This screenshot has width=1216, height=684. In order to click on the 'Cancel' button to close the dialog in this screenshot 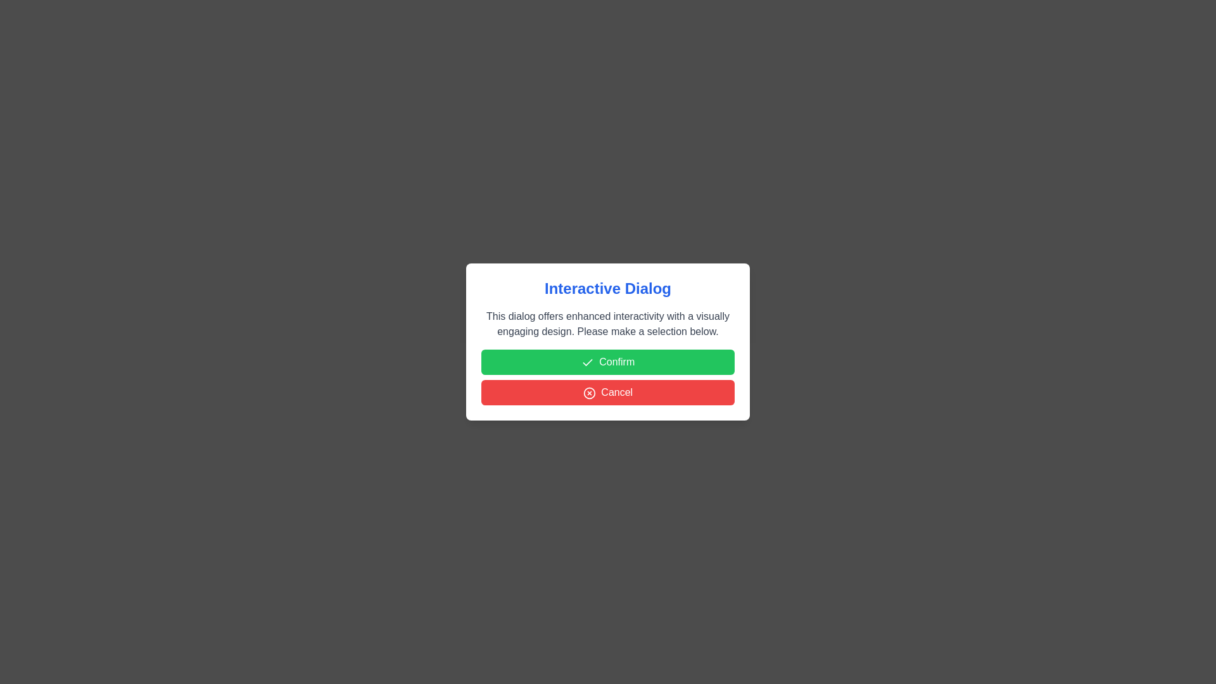, I will do `click(608, 392)`.